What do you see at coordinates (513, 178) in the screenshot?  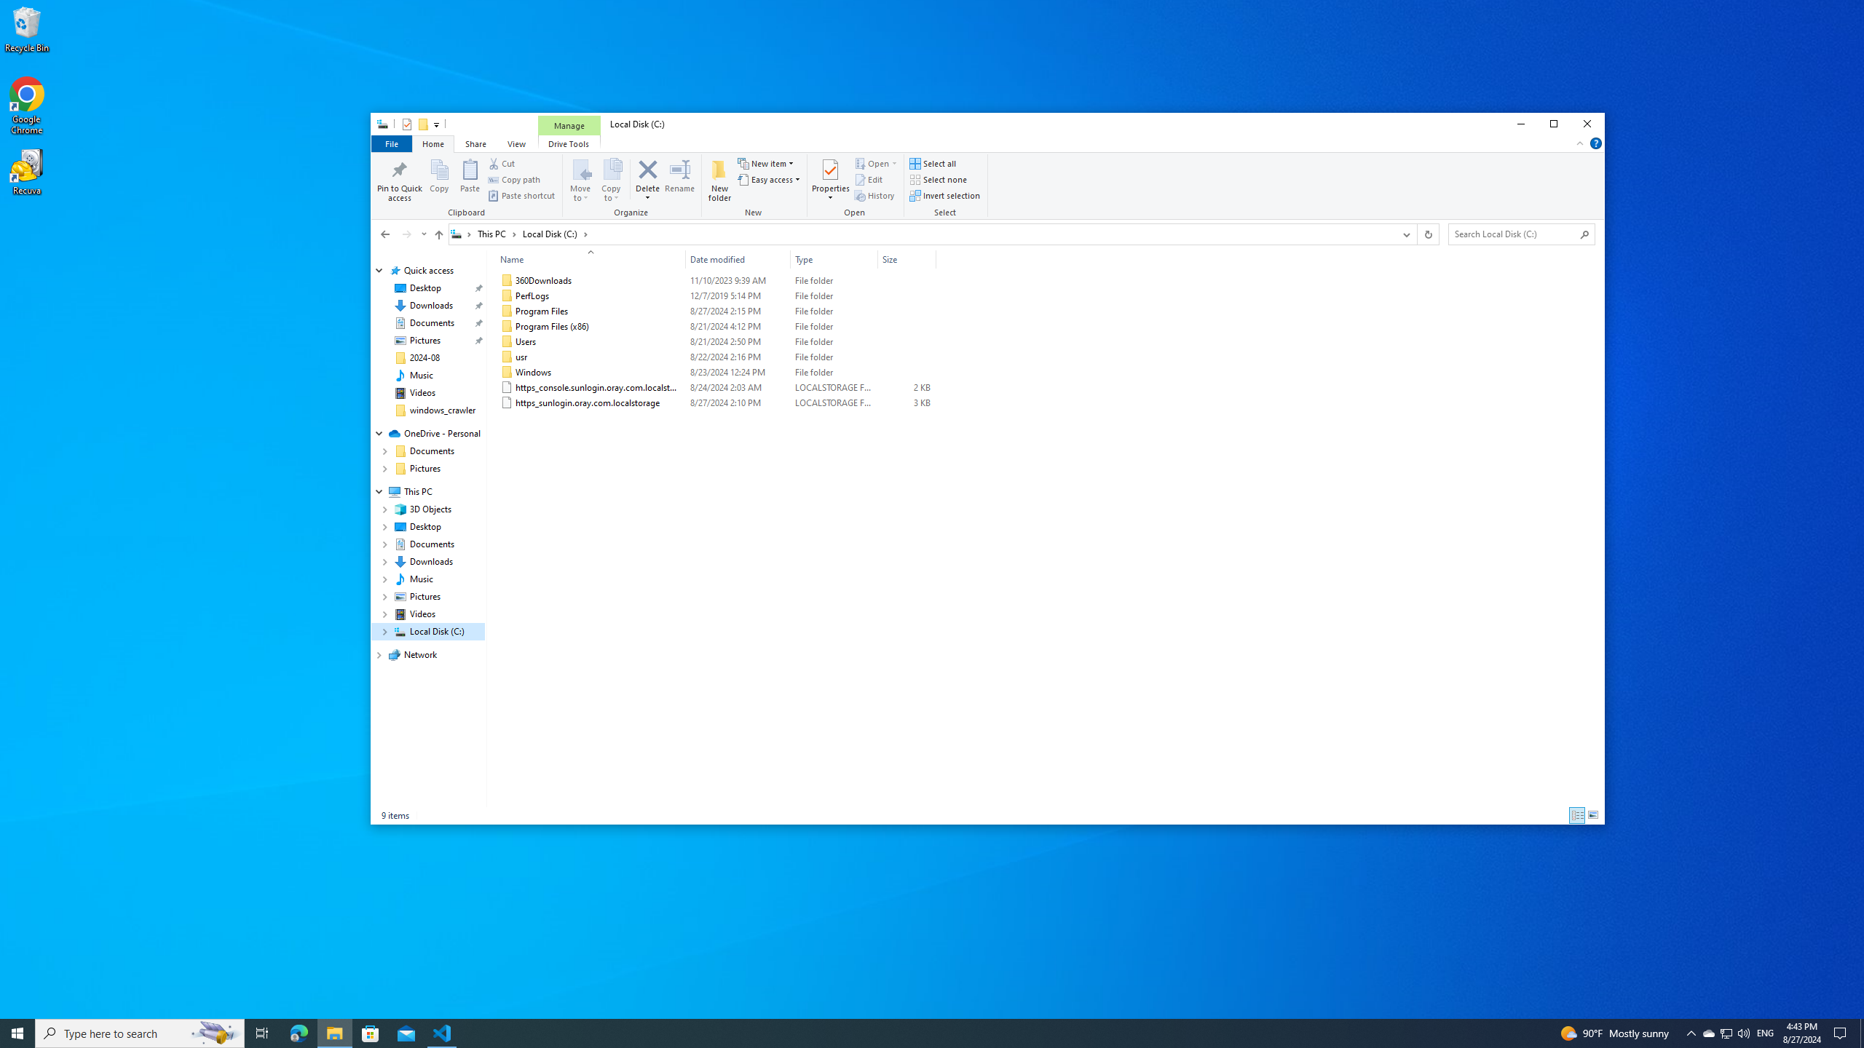 I see `'Copy path'` at bounding box center [513, 178].